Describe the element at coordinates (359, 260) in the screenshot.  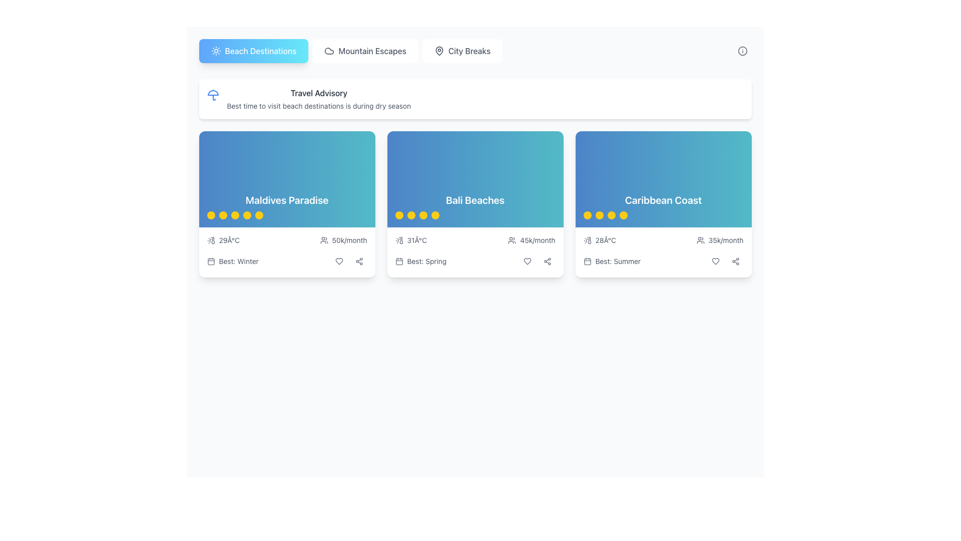
I see `the share button located at the bottom-right corner of the third destination card` at that location.